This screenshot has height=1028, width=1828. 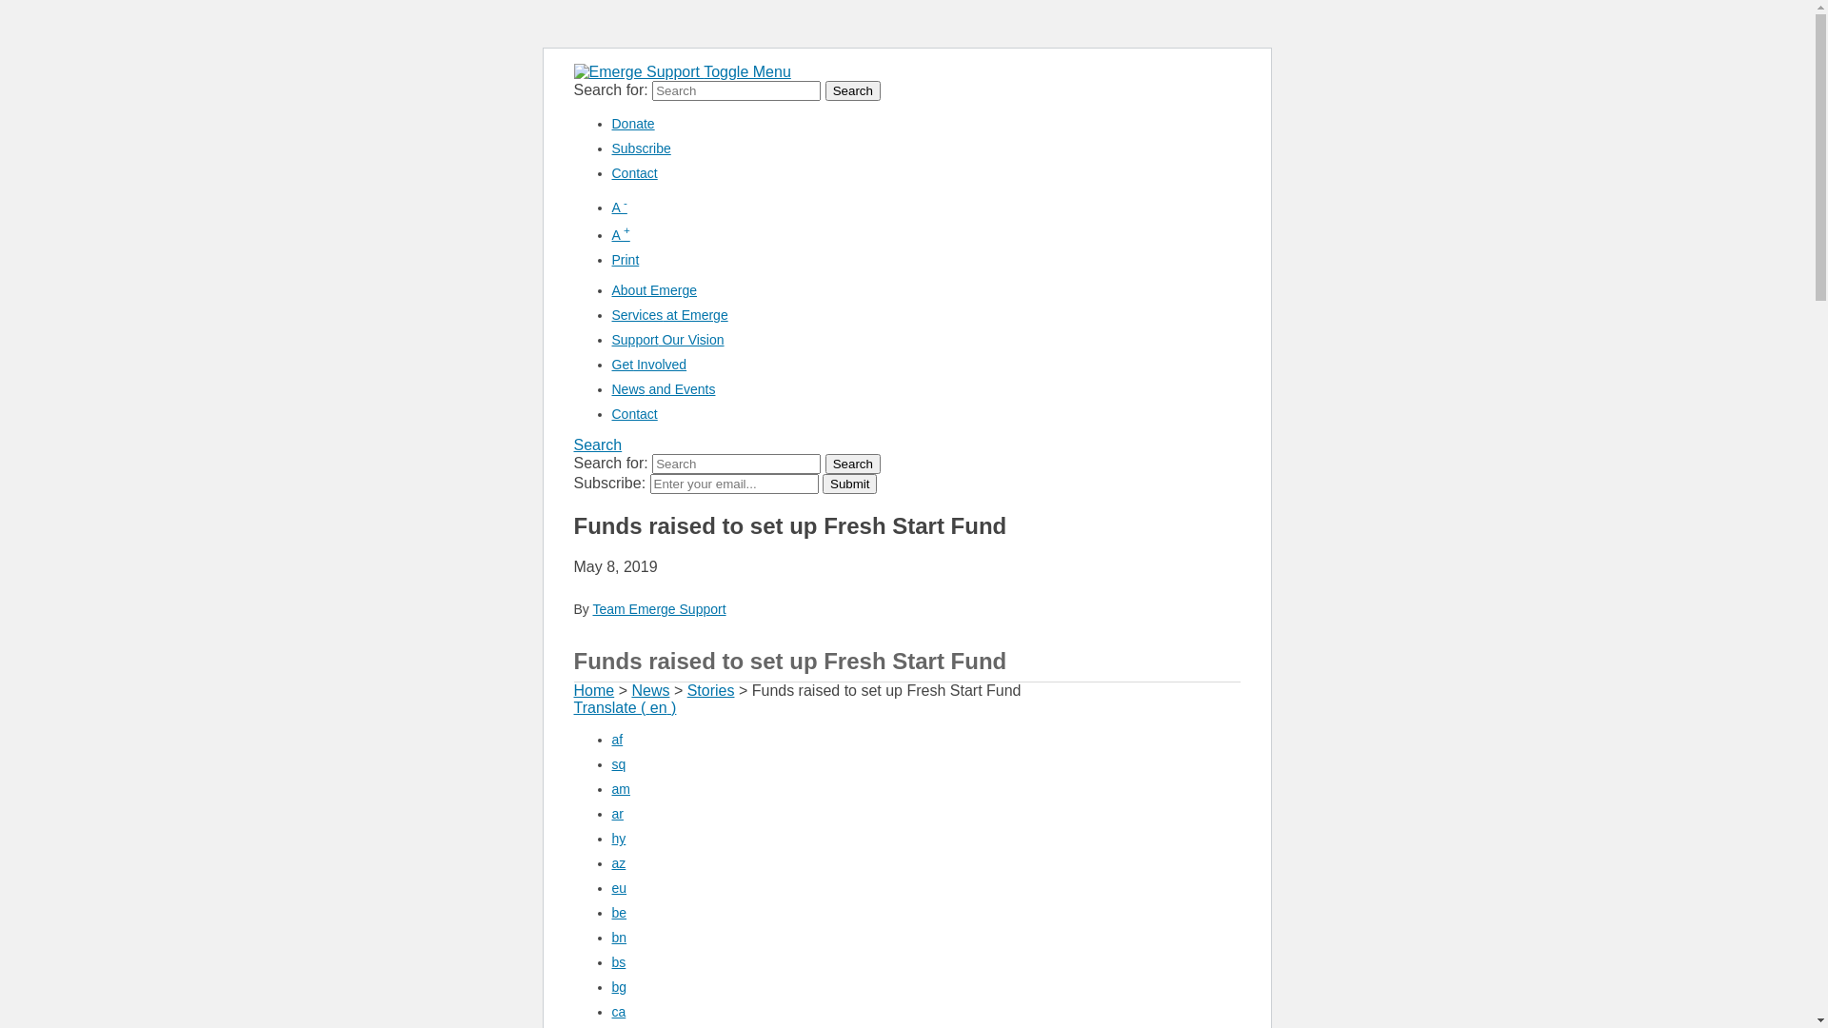 What do you see at coordinates (746, 70) in the screenshot?
I see `'Toggle Menu'` at bounding box center [746, 70].